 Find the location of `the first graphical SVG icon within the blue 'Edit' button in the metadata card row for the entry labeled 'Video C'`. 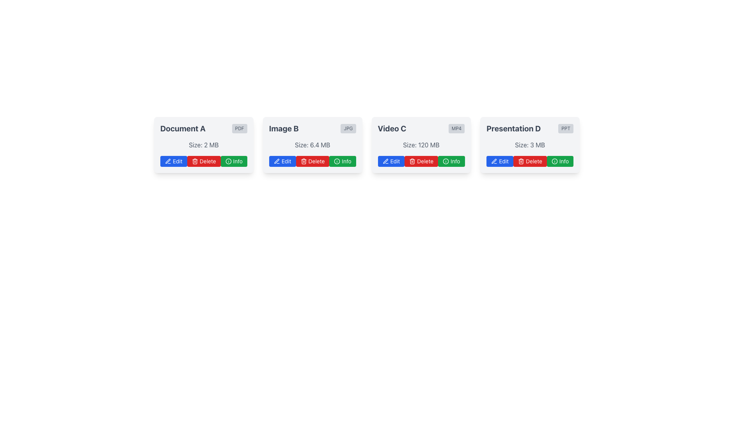

the first graphical SVG icon within the blue 'Edit' button in the metadata card row for the entry labeled 'Video C' is located at coordinates (385, 161).